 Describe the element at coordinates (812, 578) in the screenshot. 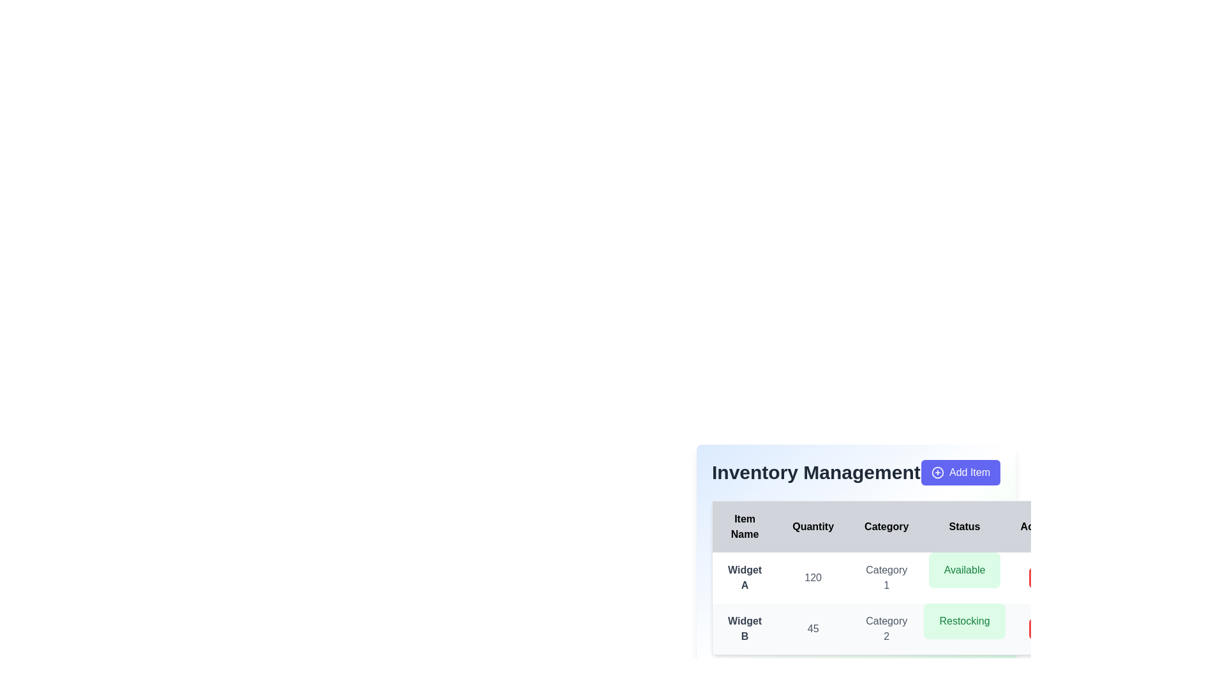

I see `the text element displaying the number '120' in a grayish font, located in the second column of the first row under the 'Quantity' column` at that location.